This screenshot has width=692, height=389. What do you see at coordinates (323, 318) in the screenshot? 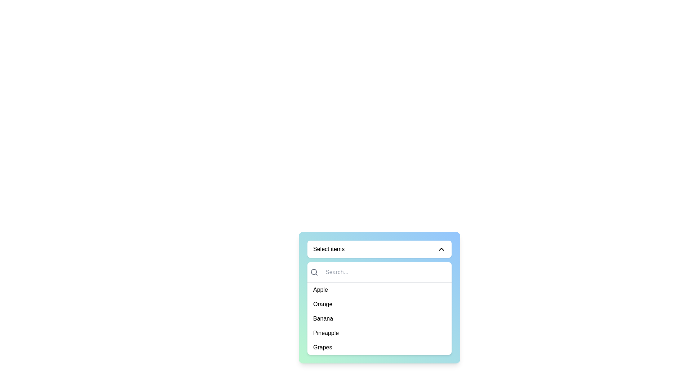
I see `the selectable label titled 'Banana' in the dropdown menu` at bounding box center [323, 318].